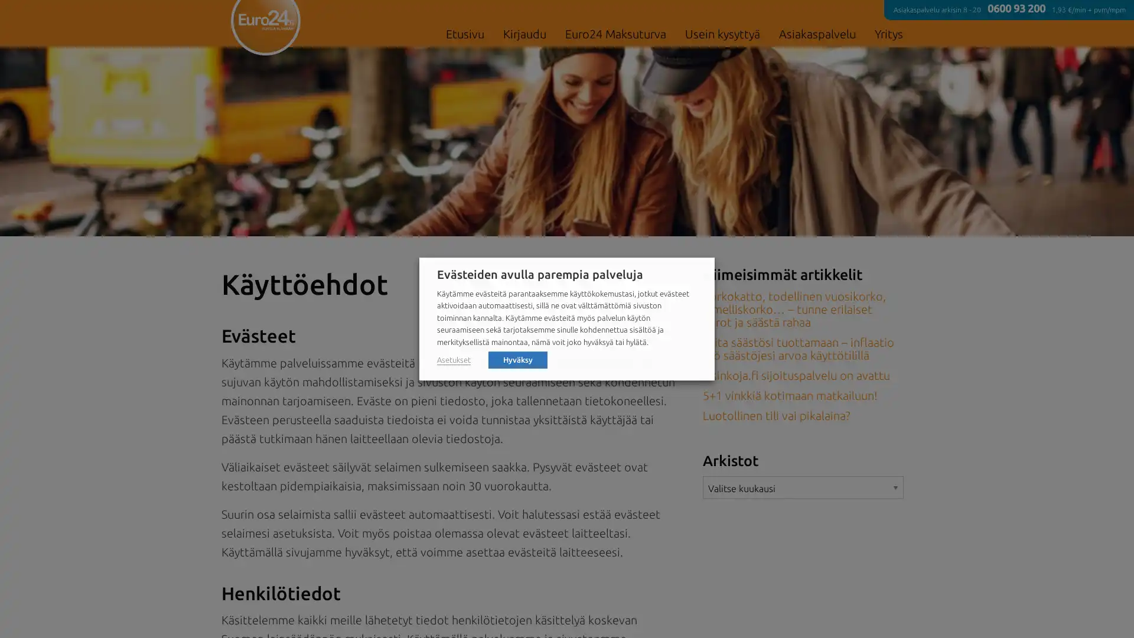  Describe the element at coordinates (518, 359) in the screenshot. I see `Hyvaksy` at that location.